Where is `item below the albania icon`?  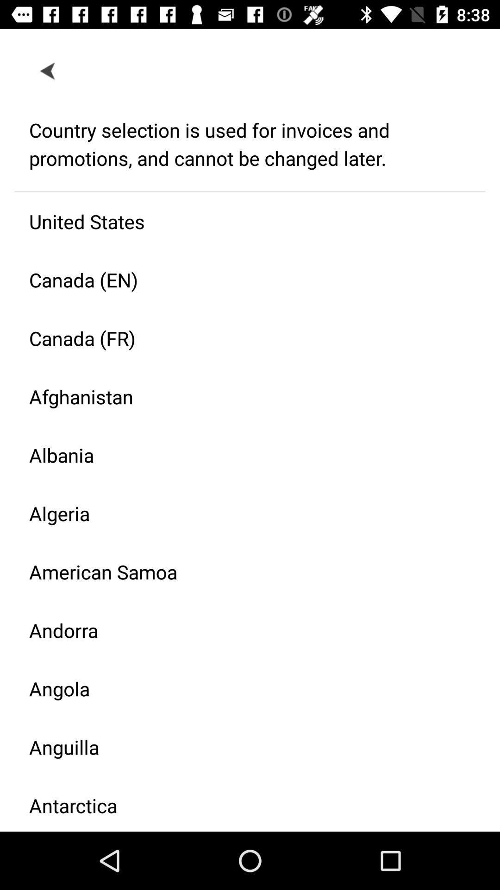
item below the albania icon is located at coordinates (242, 513).